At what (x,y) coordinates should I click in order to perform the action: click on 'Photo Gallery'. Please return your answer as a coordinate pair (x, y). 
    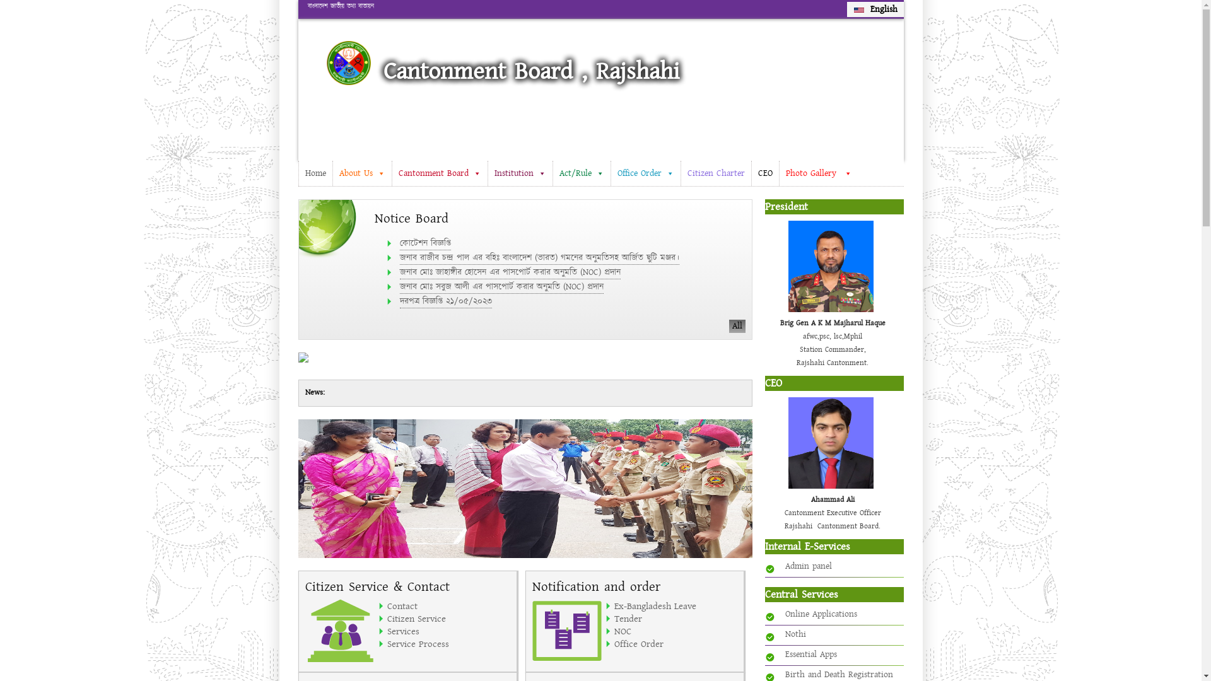
    Looking at the image, I should click on (777, 173).